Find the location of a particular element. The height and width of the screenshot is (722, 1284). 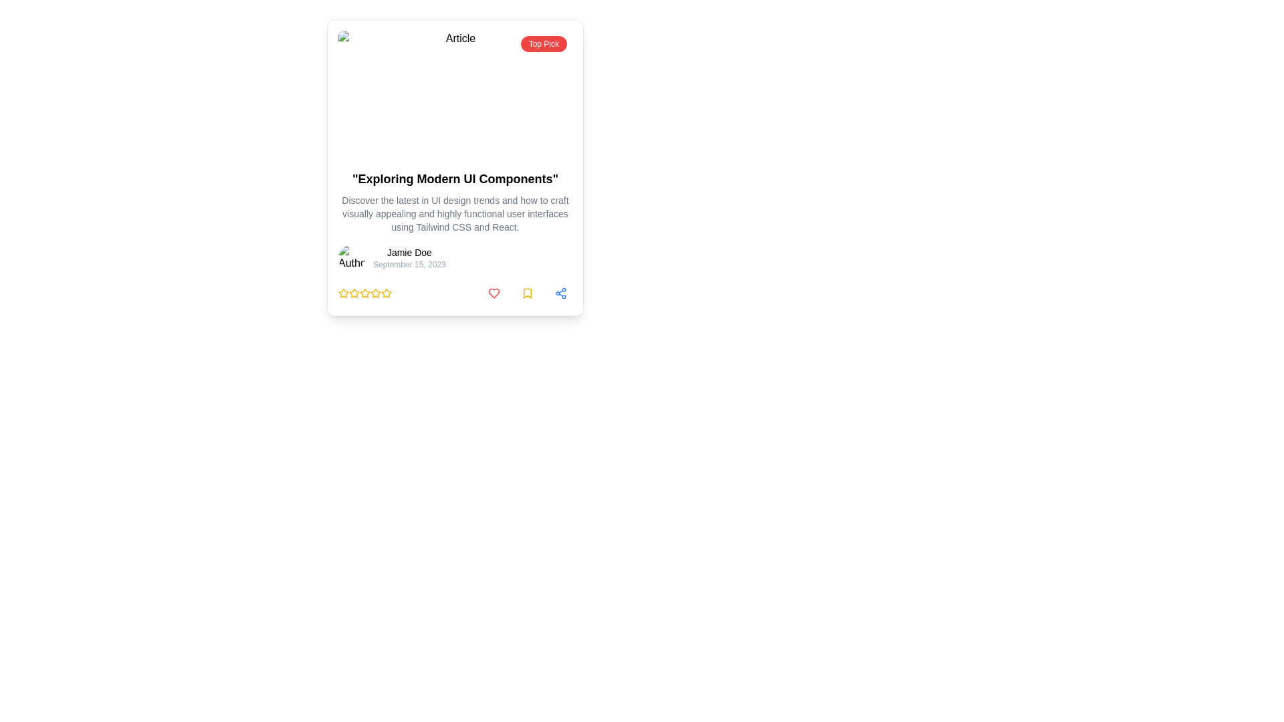

the leftmost bookmark button at the bottom of the card UI layout is located at coordinates (526, 293).